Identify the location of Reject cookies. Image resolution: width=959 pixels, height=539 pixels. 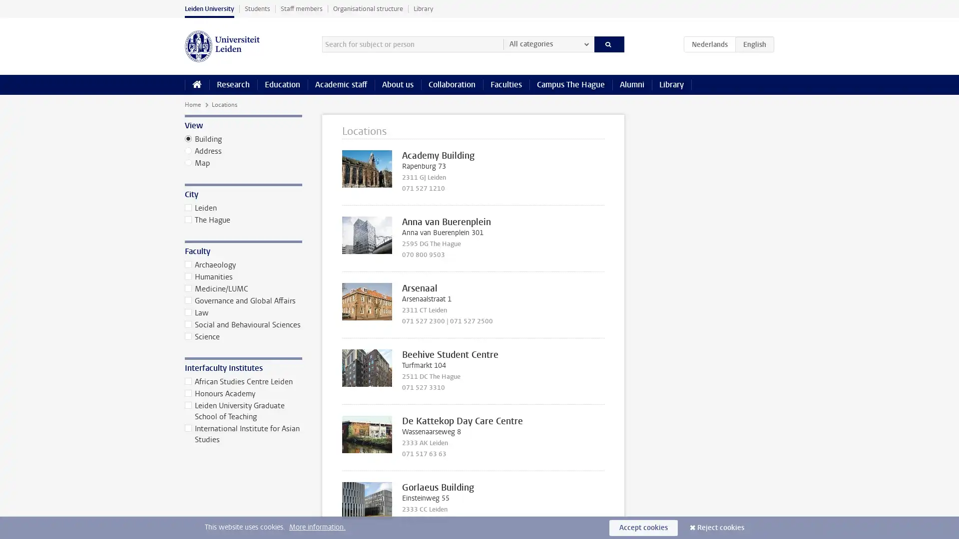
(721, 527).